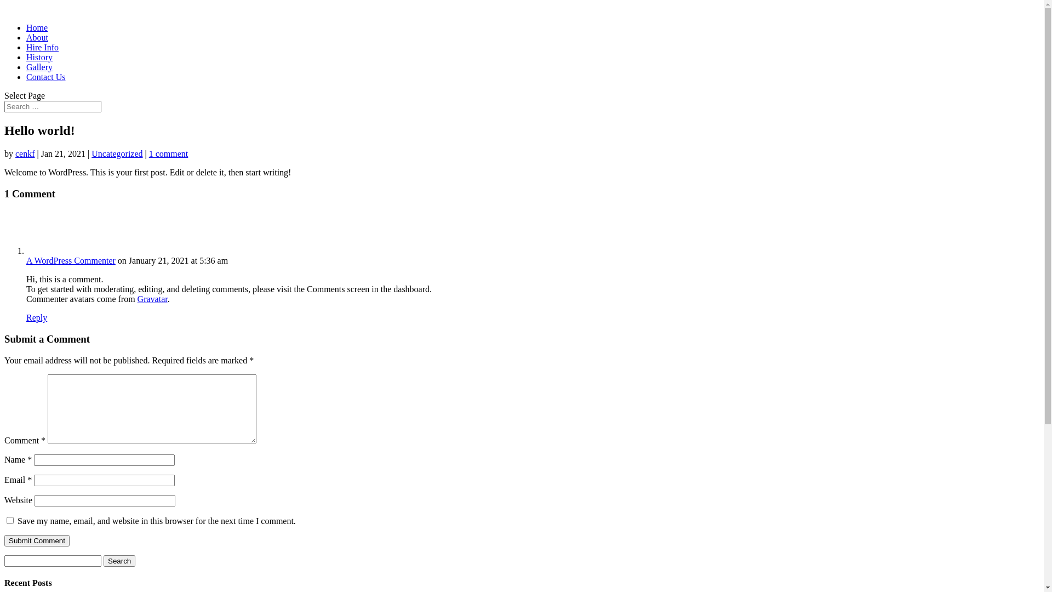 The image size is (1052, 592). Describe the element at coordinates (39, 67) in the screenshot. I see `'Gallery'` at that location.